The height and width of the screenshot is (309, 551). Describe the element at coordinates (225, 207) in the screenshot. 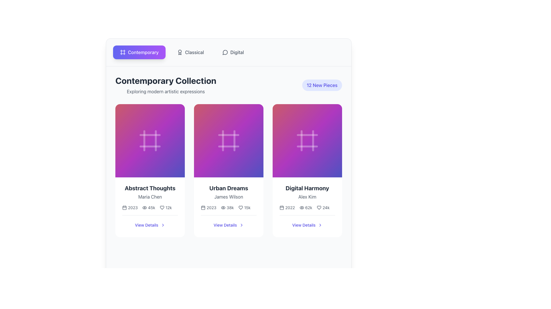

I see `displayed information from the metadata element consisting of '2023' with a calendar icon, '38k' with an eye icon, and '15k' with a heart icon, which is positioned below the title 'Urban Dreams'` at that location.